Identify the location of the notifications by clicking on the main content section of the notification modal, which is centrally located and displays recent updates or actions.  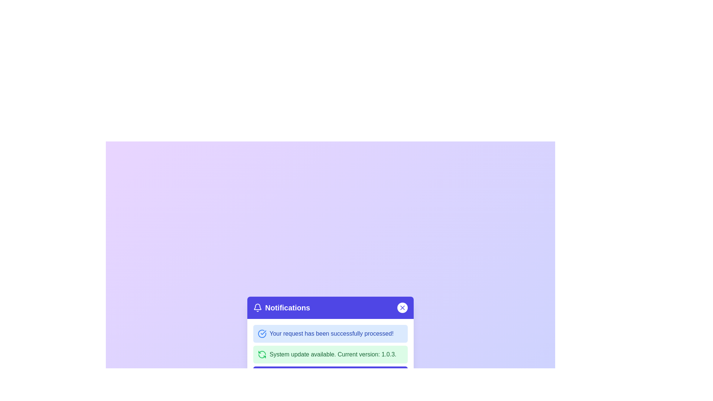
(330, 342).